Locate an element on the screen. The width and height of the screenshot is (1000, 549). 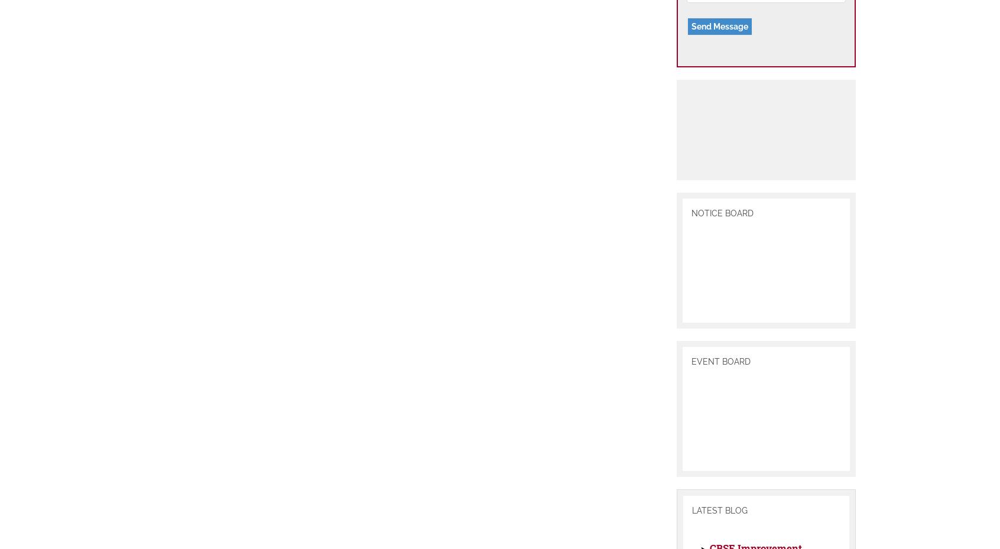
'CBSE Improvement Admission' is located at coordinates (708, 535).